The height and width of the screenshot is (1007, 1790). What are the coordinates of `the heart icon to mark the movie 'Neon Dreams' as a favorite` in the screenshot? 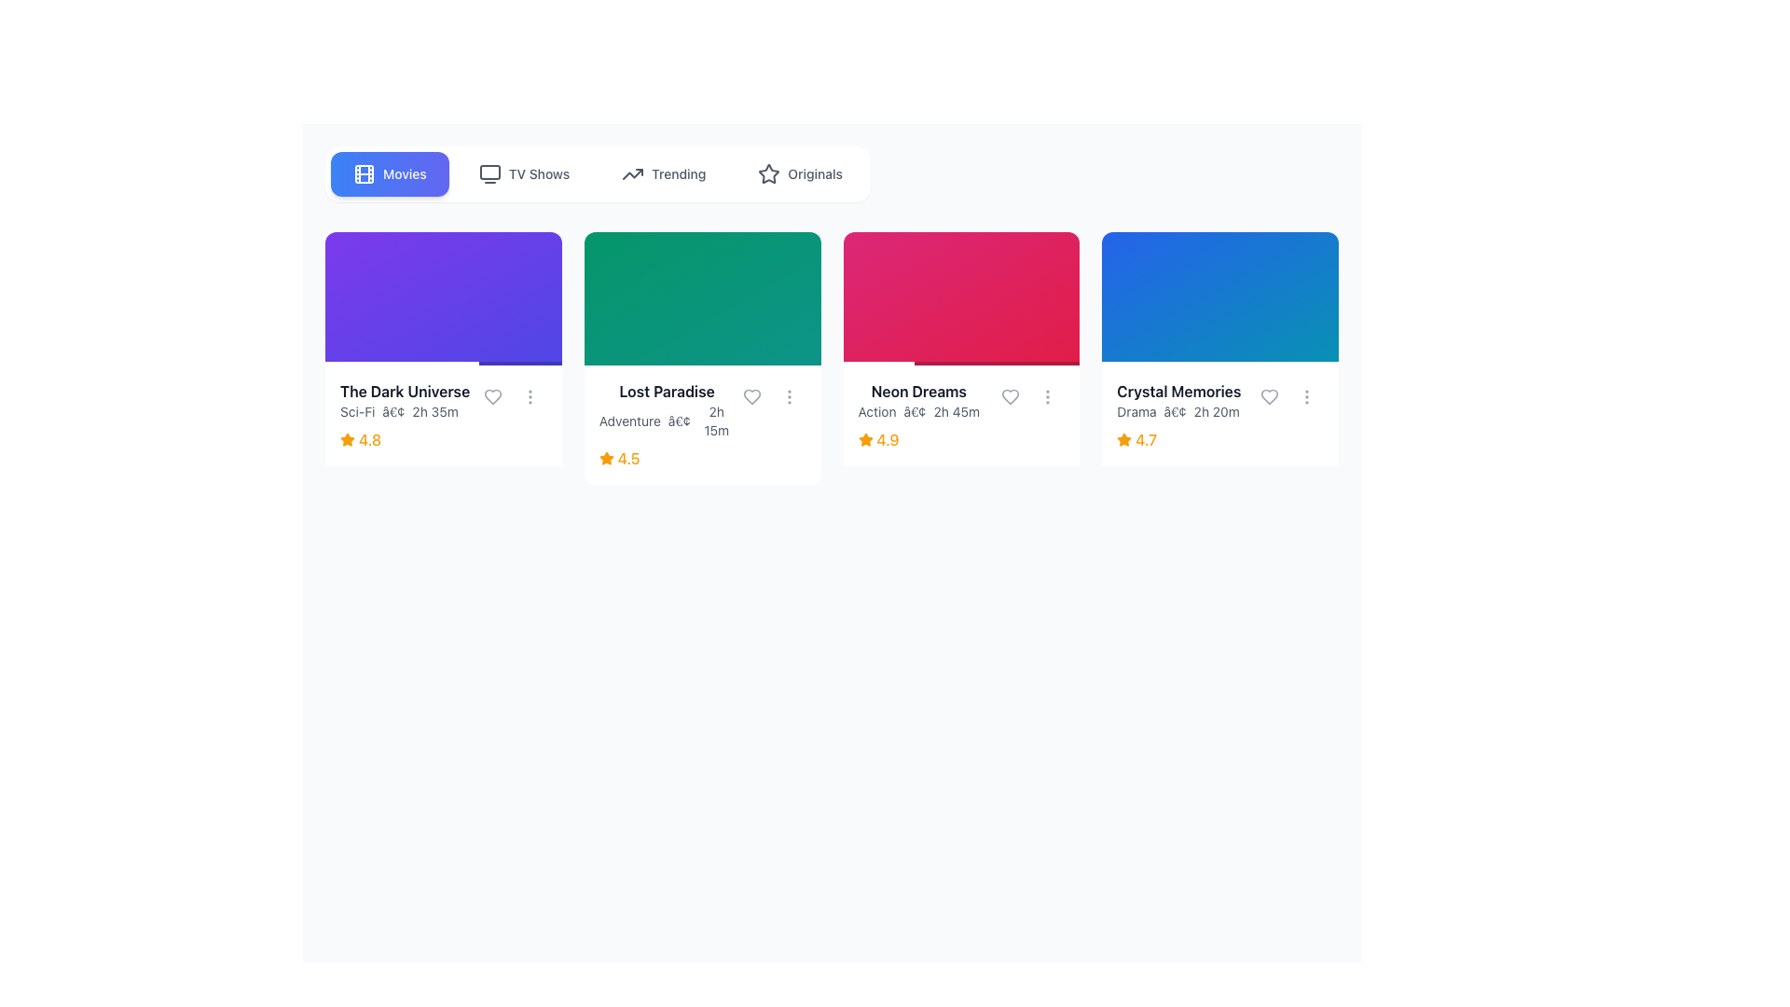 It's located at (1010, 395).